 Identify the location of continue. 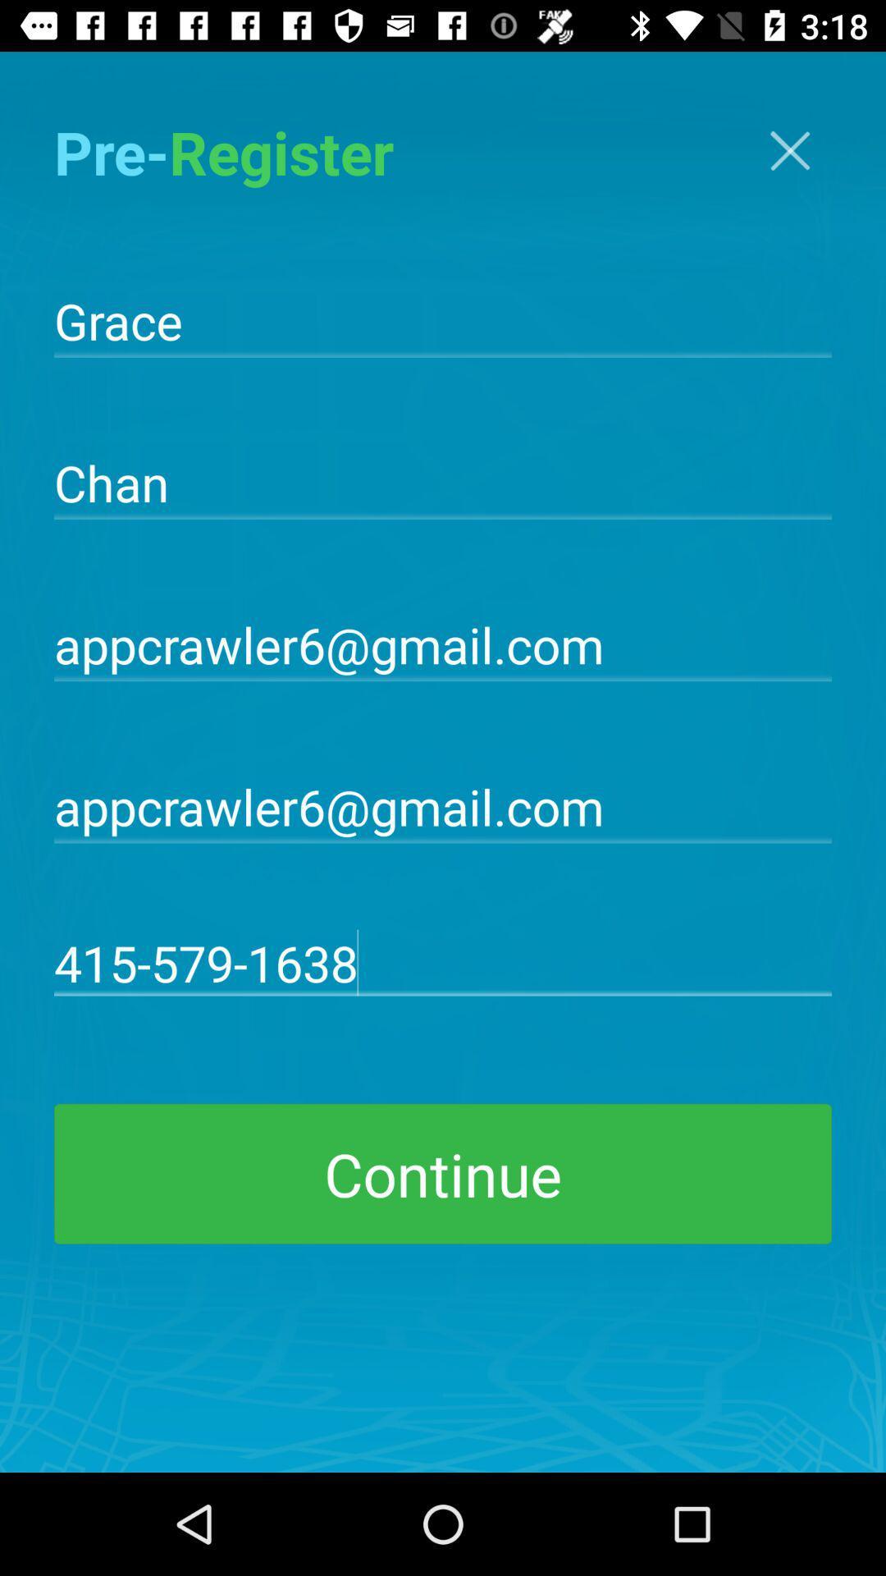
(443, 1173).